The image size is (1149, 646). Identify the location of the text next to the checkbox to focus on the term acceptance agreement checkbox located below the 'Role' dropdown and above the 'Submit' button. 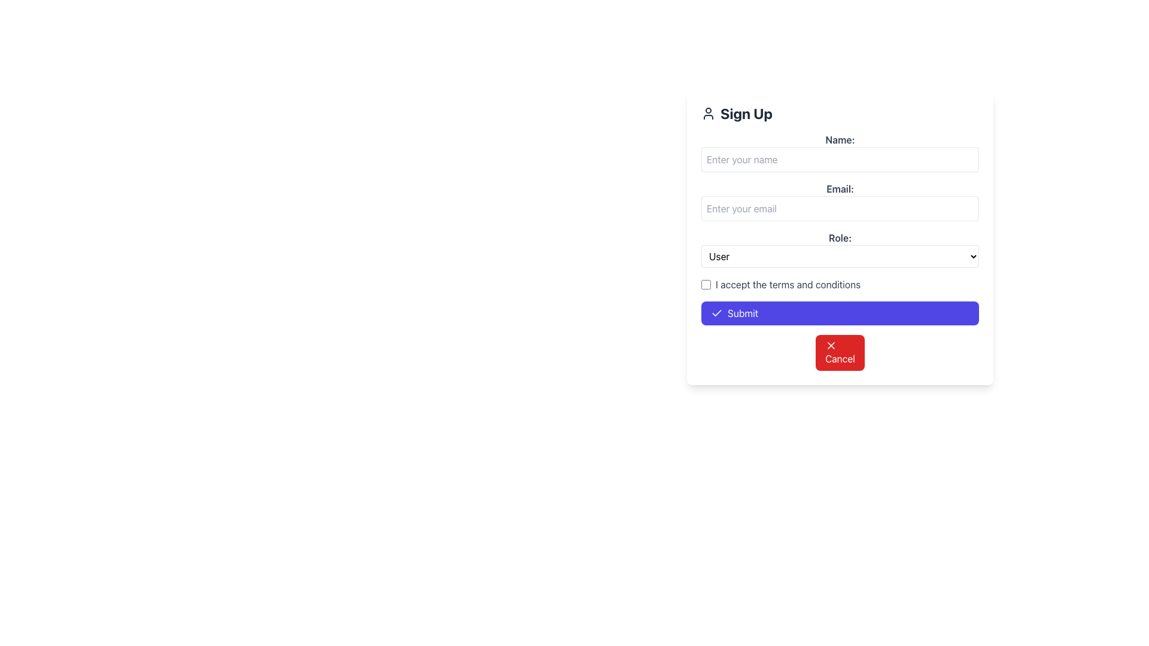
(839, 284).